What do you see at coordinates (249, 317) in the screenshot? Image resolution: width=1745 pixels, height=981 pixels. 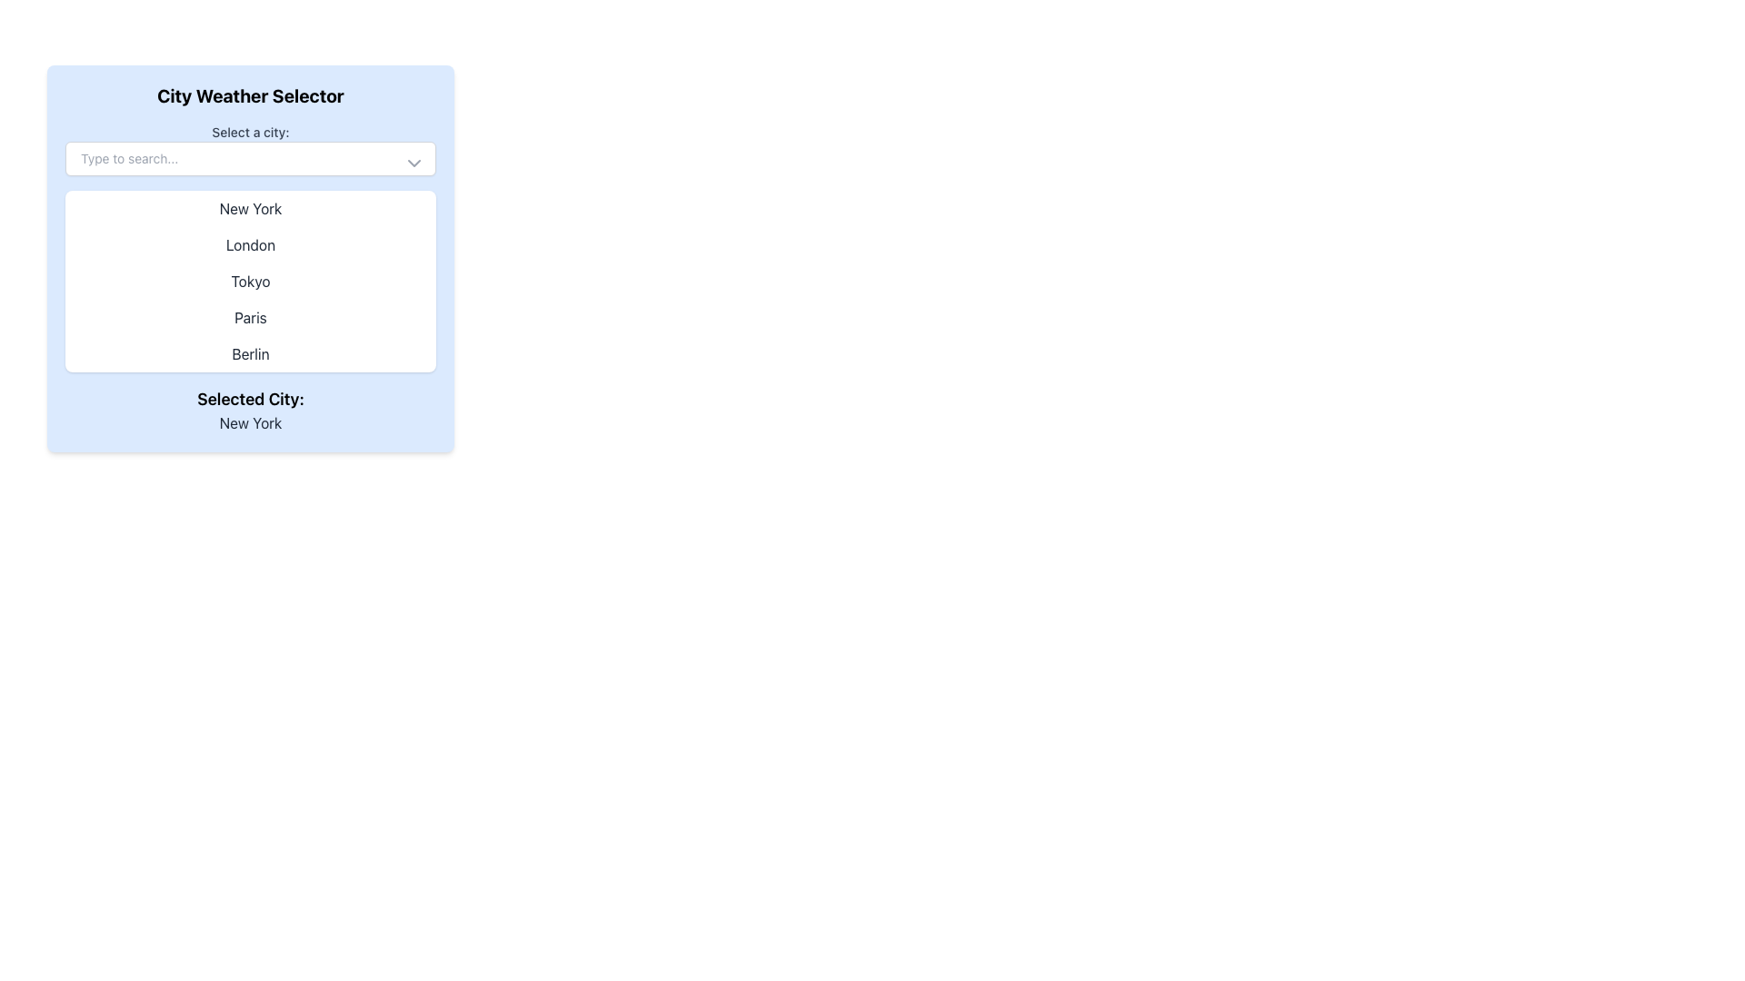 I see `the selectable city option 'Paris' in the city selector` at bounding box center [249, 317].